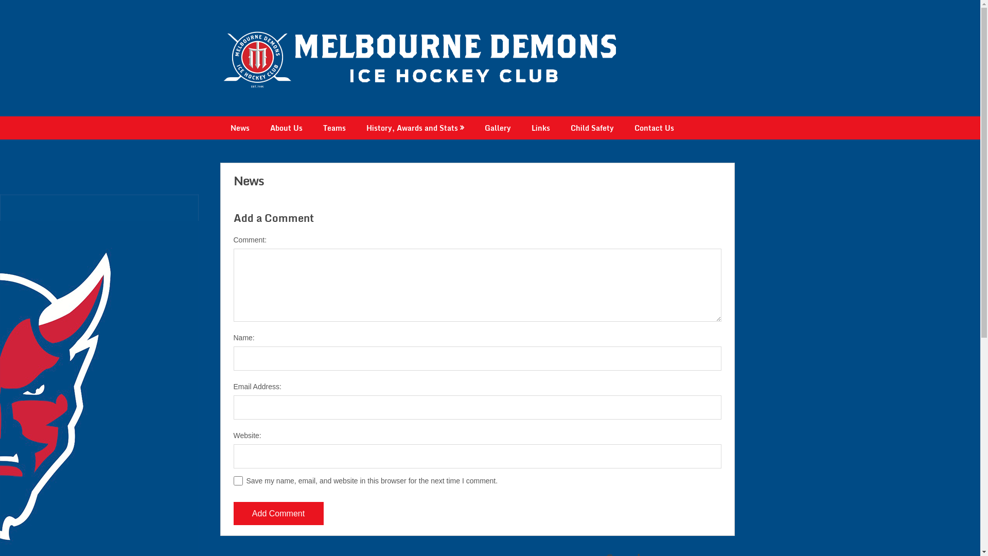 This screenshot has height=556, width=988. Describe the element at coordinates (334, 127) in the screenshot. I see `'Teams'` at that location.